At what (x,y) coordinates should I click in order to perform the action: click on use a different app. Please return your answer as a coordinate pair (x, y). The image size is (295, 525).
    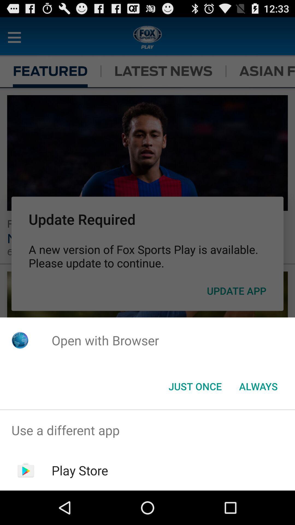
    Looking at the image, I should click on (147, 430).